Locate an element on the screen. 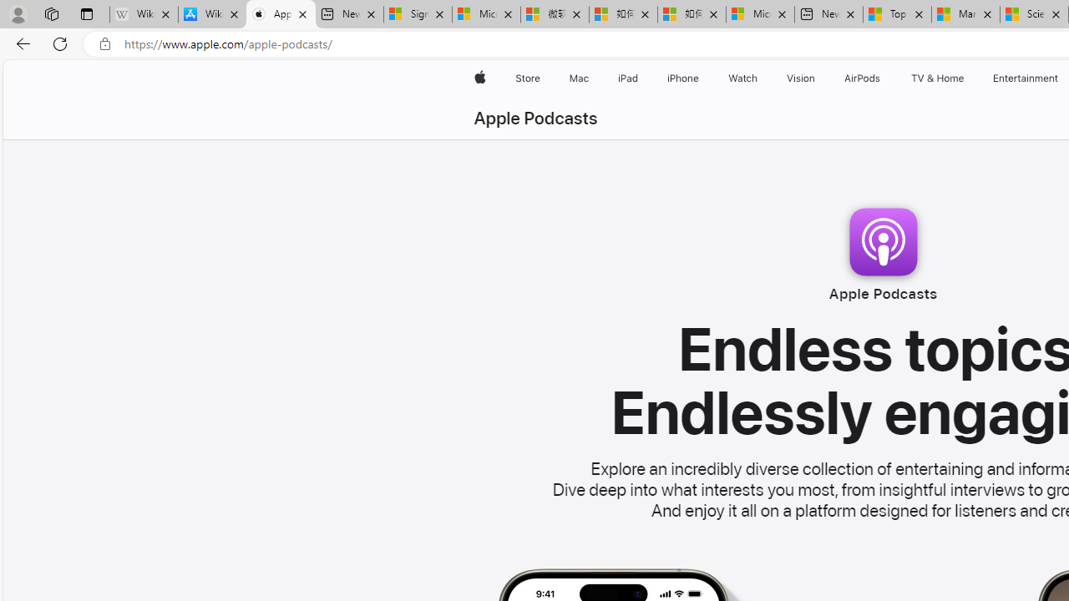 The height and width of the screenshot is (601, 1069). 'AirPods' is located at coordinates (862, 78).